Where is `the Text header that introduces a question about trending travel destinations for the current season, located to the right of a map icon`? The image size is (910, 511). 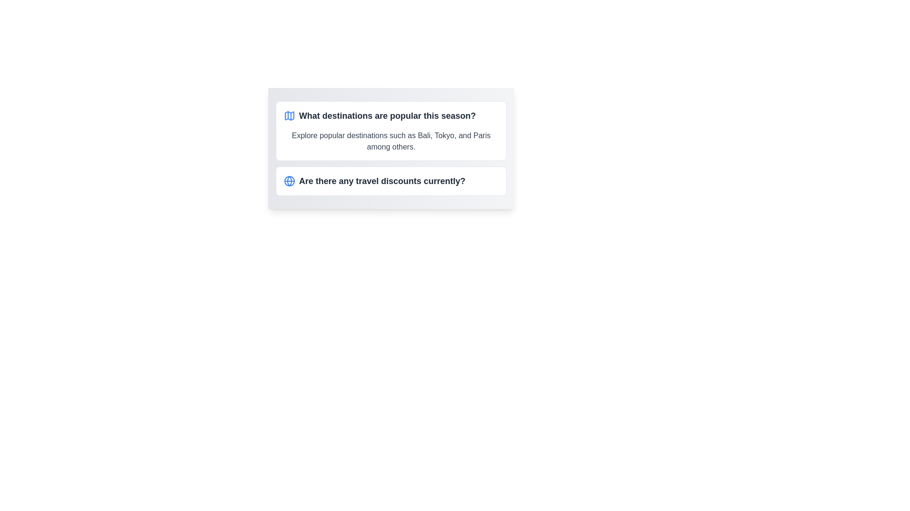
the Text header that introduces a question about trending travel destinations for the current season, located to the right of a map icon is located at coordinates (387, 115).